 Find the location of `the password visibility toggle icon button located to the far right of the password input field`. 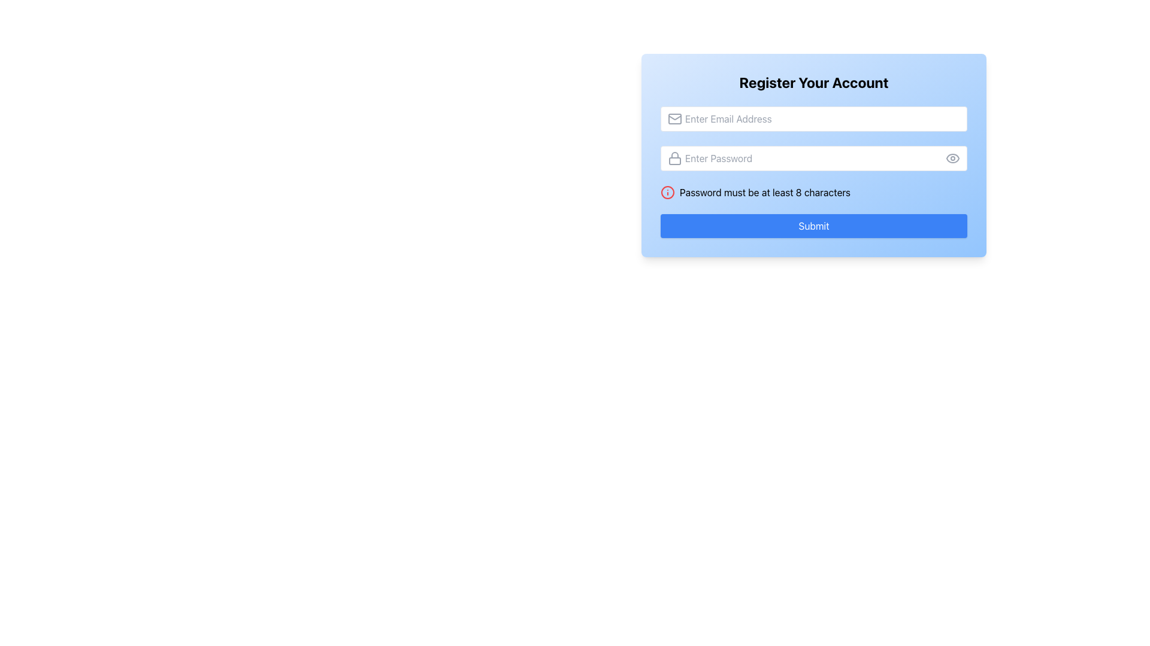

the password visibility toggle icon button located to the far right of the password input field is located at coordinates (952, 158).